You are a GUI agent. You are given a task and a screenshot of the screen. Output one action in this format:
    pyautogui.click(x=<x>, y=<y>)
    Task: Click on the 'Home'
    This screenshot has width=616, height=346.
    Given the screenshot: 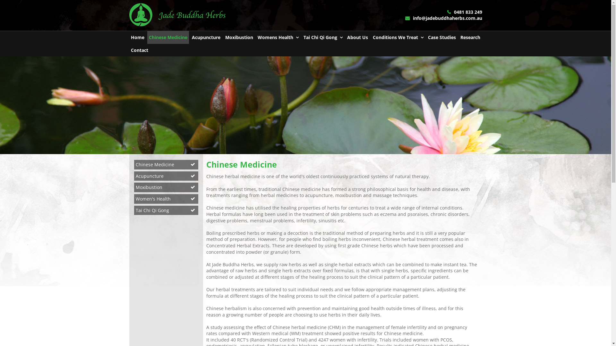 What is the action you would take?
    pyautogui.click(x=137, y=37)
    